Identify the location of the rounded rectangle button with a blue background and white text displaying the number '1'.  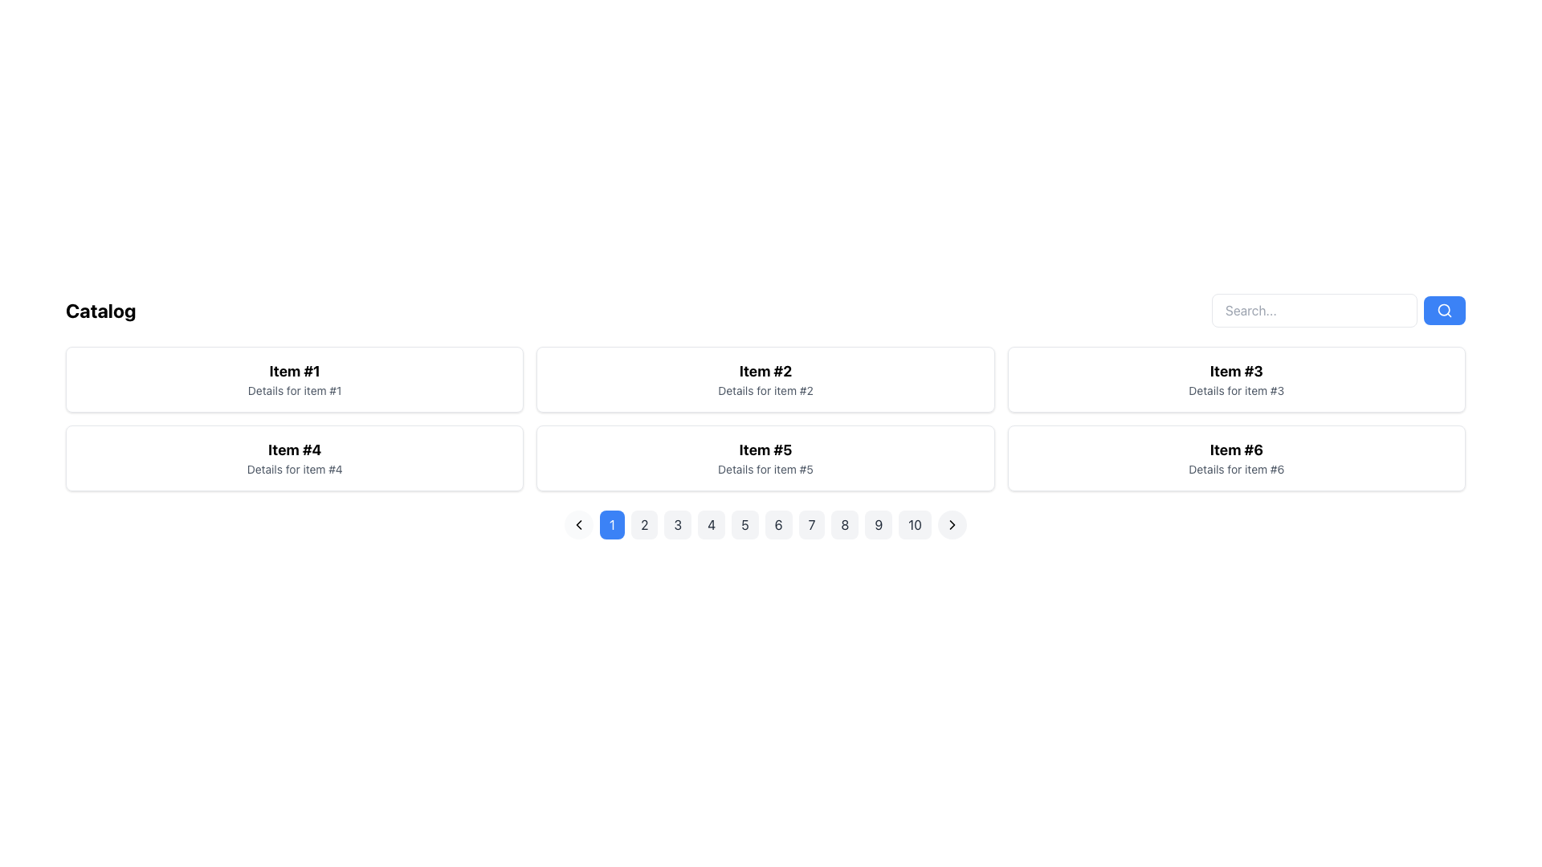
(611, 525).